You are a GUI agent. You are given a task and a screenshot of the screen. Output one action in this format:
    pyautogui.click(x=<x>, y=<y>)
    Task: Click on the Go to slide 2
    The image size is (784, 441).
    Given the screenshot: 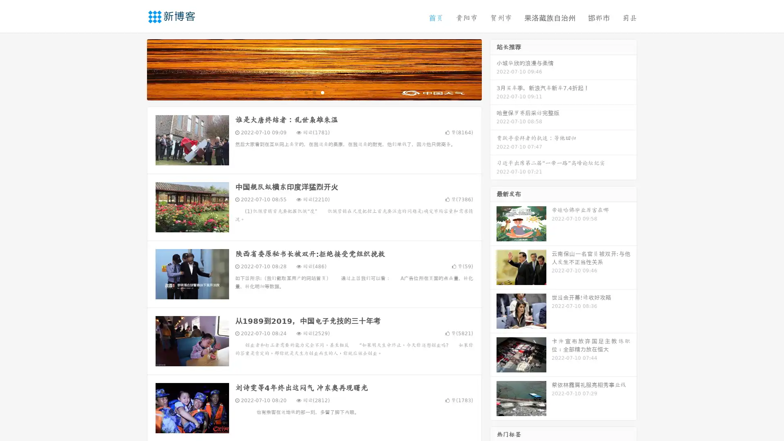 What is the action you would take?
    pyautogui.click(x=314, y=92)
    